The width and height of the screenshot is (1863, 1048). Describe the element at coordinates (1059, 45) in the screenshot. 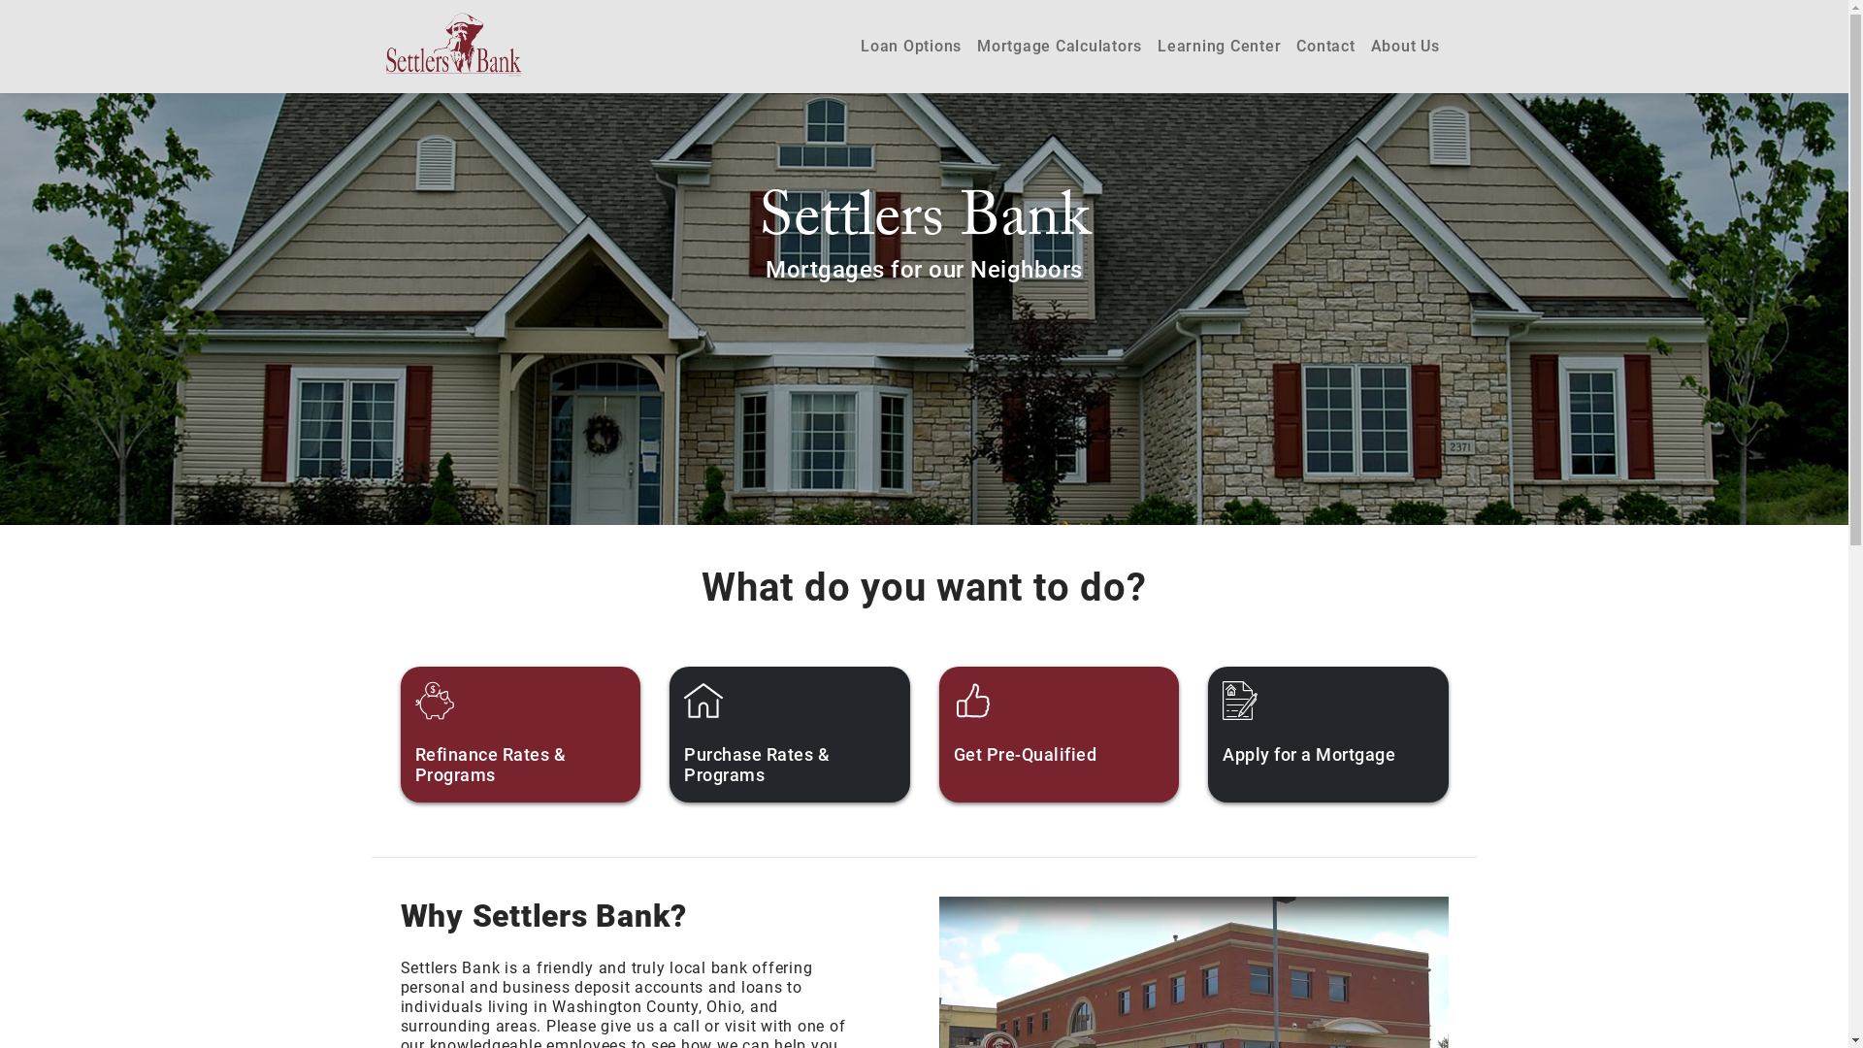

I see `'Mortgage Calculators'` at that location.